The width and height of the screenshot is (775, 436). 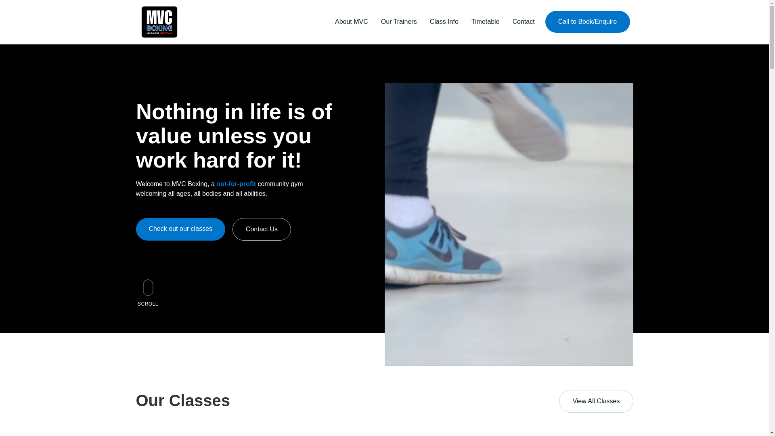 What do you see at coordinates (147, 291) in the screenshot?
I see `'SCROLL'` at bounding box center [147, 291].